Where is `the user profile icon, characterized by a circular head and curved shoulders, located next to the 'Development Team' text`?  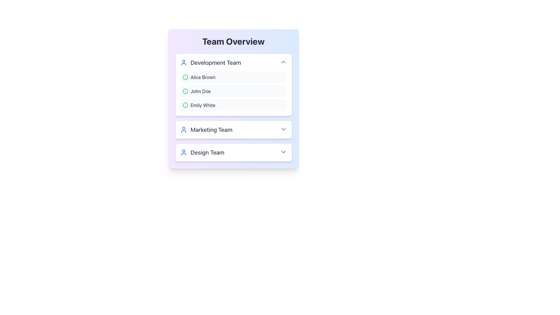 the user profile icon, characterized by a circular head and curved shoulders, located next to the 'Development Team' text is located at coordinates (183, 63).